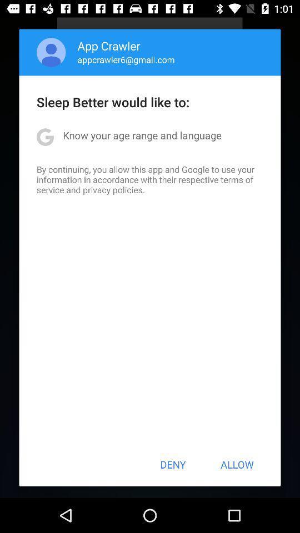 The width and height of the screenshot is (300, 533). Describe the element at coordinates (142, 134) in the screenshot. I see `know your age app` at that location.